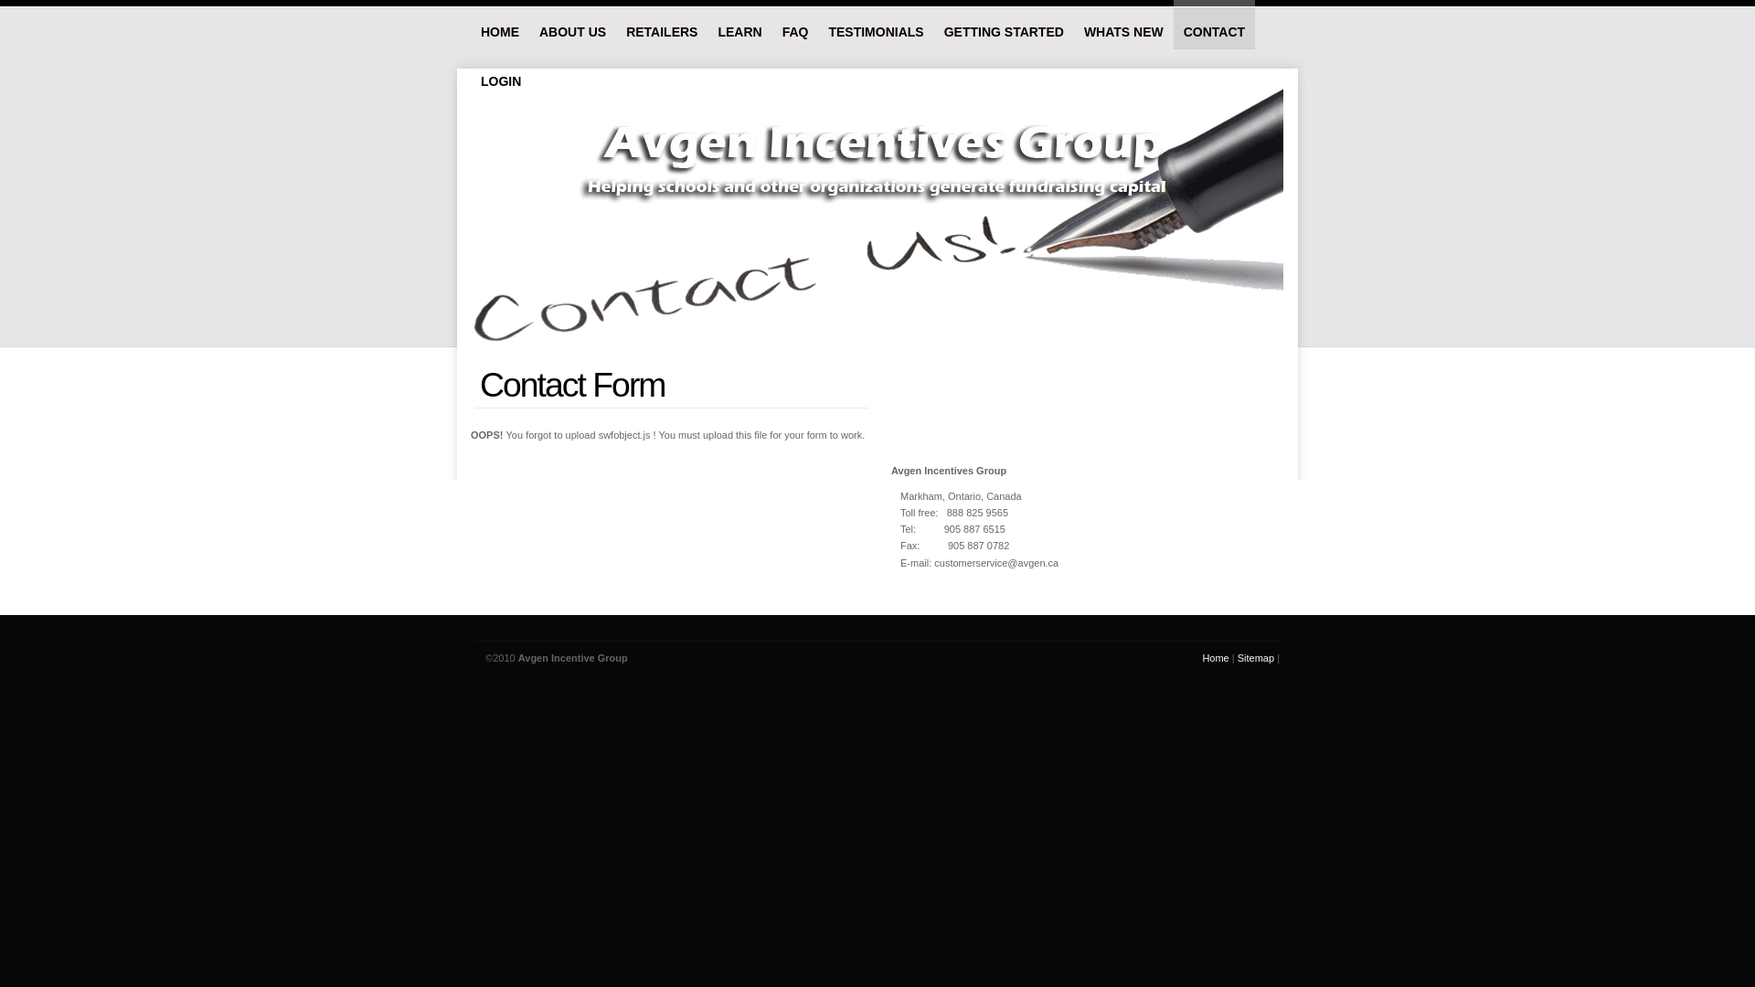  Describe the element at coordinates (571, 24) in the screenshot. I see `'ABOUT US'` at that location.